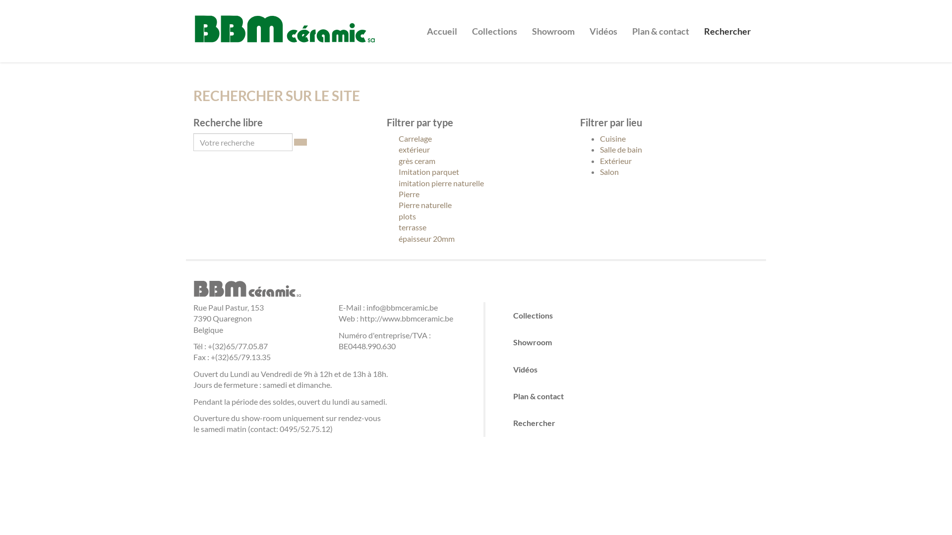 The height and width of the screenshot is (535, 952). What do you see at coordinates (620, 149) in the screenshot?
I see `'Salle de bain'` at bounding box center [620, 149].